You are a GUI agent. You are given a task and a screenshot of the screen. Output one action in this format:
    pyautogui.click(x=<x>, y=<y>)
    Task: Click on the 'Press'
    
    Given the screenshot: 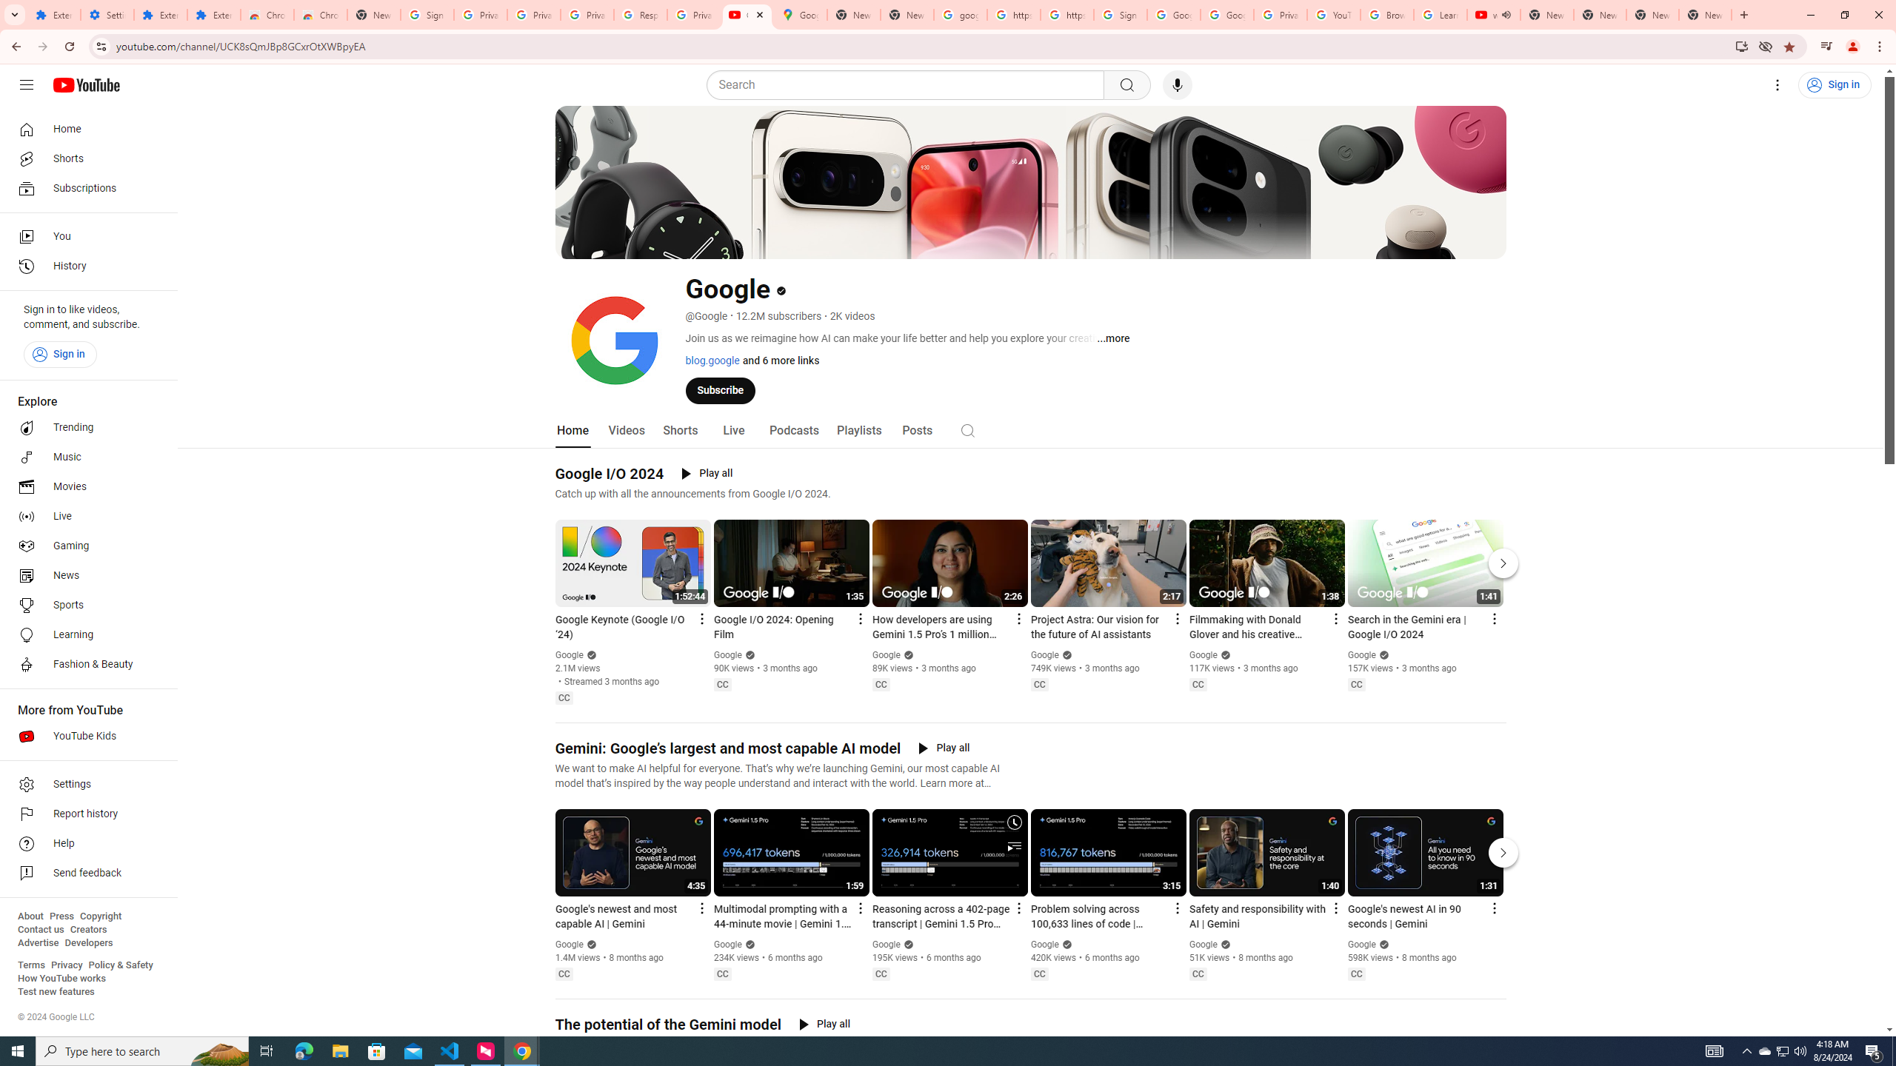 What is the action you would take?
    pyautogui.click(x=61, y=916)
    